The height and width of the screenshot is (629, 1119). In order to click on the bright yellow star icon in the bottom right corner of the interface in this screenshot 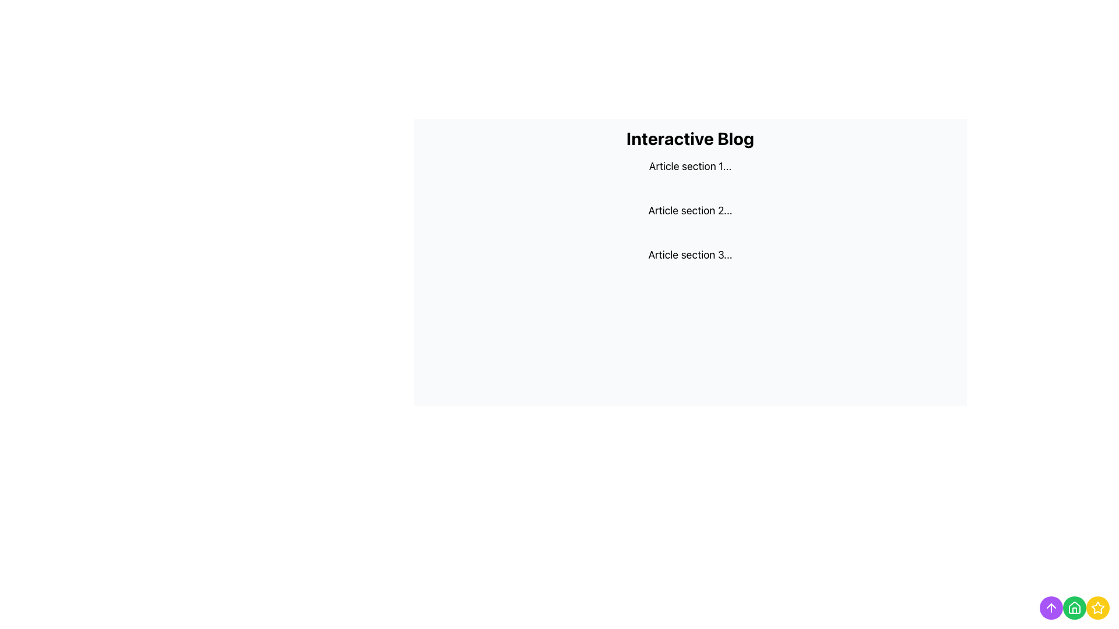, I will do `click(1097, 607)`.